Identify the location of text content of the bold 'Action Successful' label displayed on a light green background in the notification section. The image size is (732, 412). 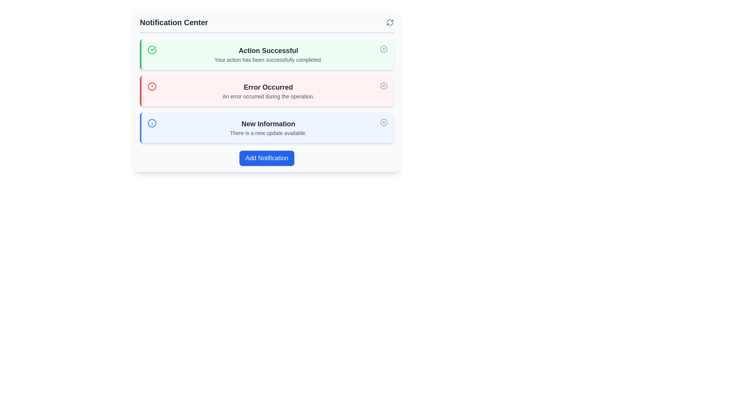
(268, 50).